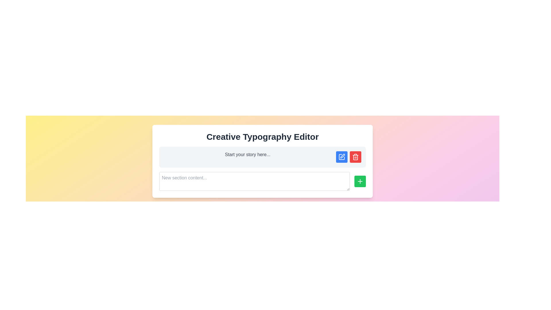  Describe the element at coordinates (355, 157) in the screenshot. I see `the delete icon located within the red circular button on the right side of the interface` at that location.